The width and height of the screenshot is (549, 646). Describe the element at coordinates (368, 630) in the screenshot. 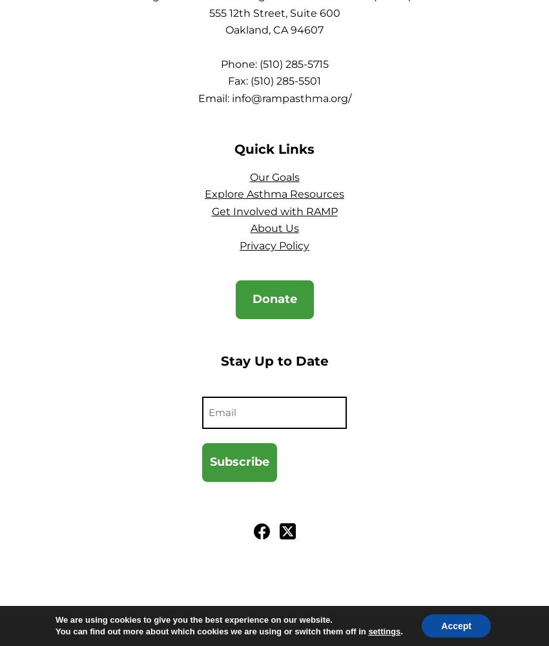

I see `'settings'` at that location.